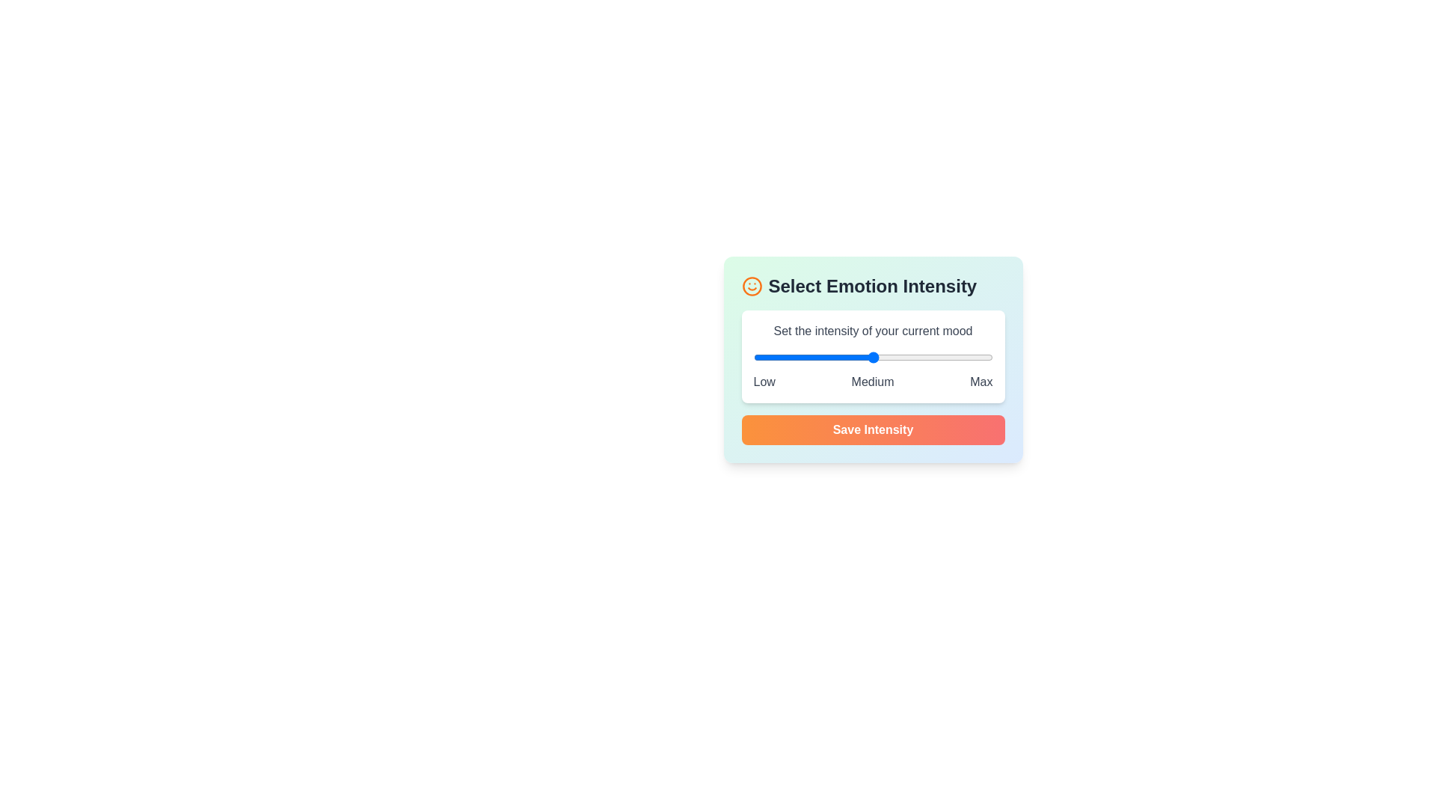 Image resolution: width=1436 pixels, height=808 pixels. Describe the element at coordinates (873, 331) in the screenshot. I see `the label 'Set the intensity of your current mood' to focus on it` at that location.